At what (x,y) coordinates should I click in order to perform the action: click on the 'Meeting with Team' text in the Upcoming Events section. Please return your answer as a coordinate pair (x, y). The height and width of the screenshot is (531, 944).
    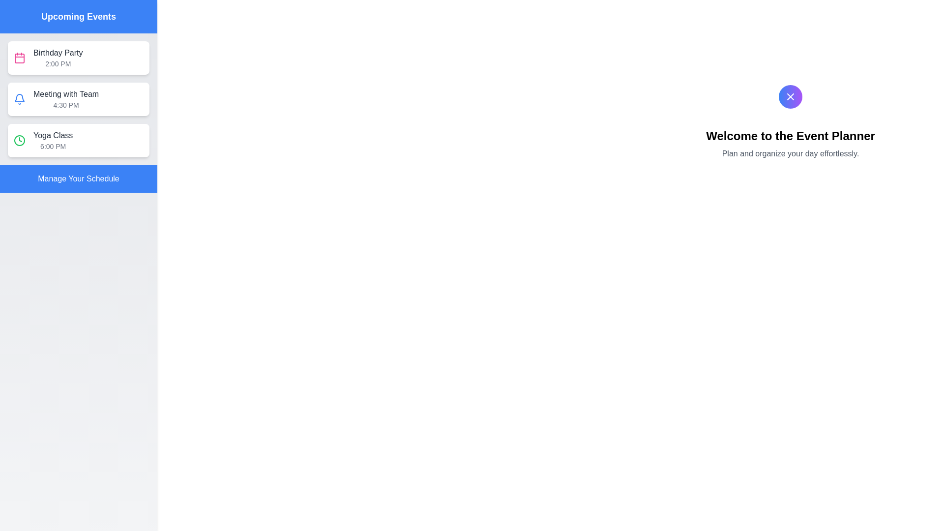
    Looking at the image, I should click on (65, 99).